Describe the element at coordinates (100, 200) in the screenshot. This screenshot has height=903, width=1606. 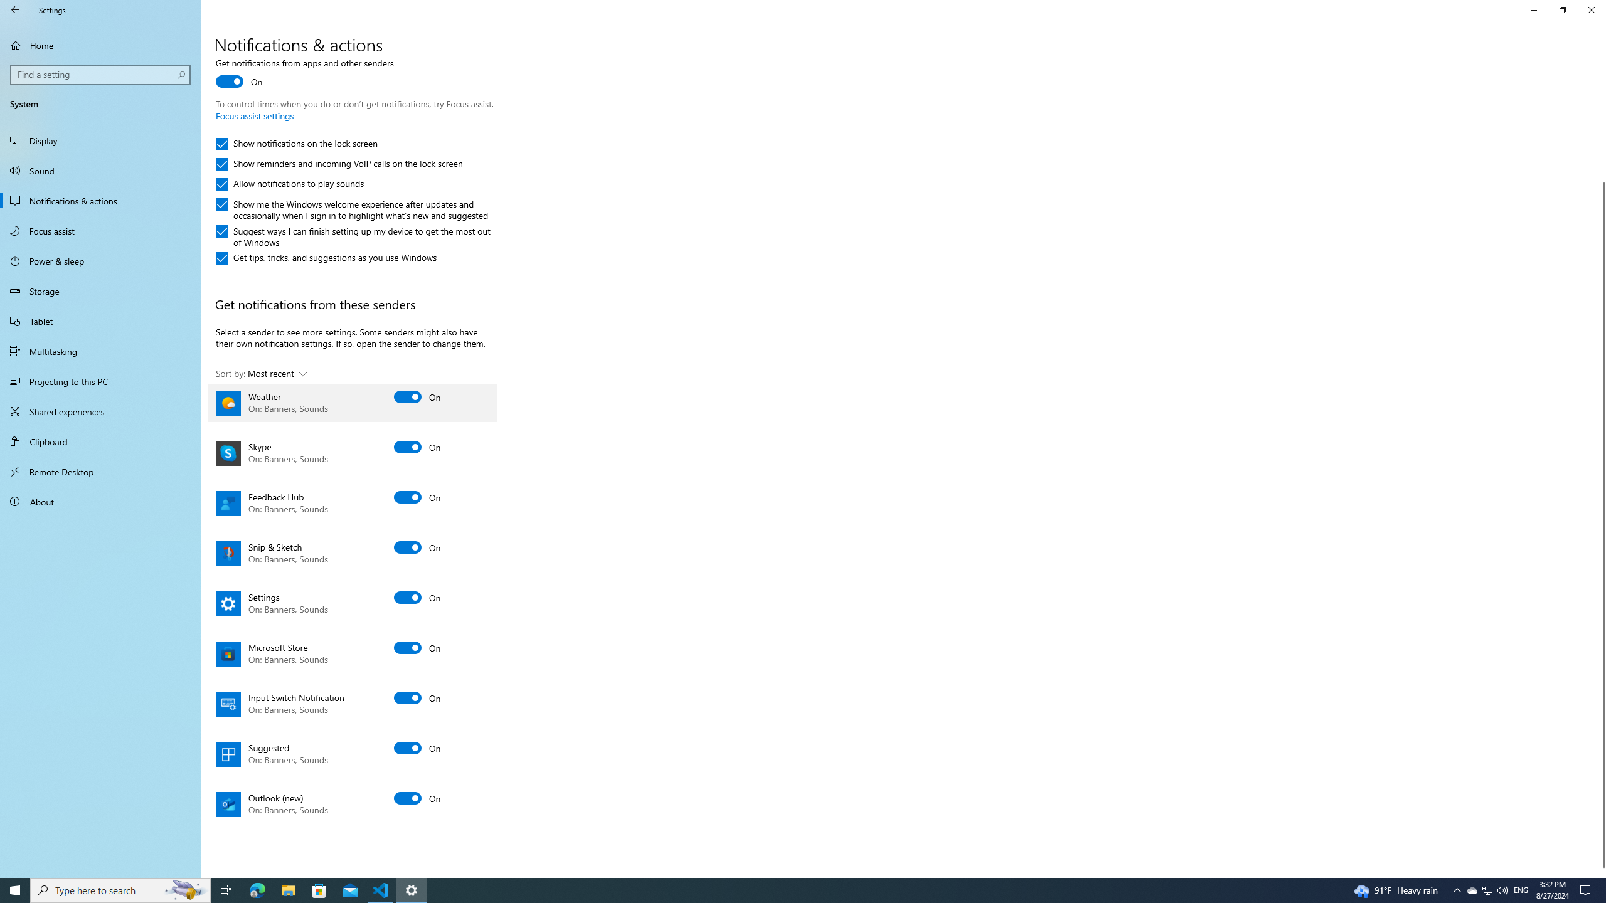
I see `'Notifications & actions'` at that location.